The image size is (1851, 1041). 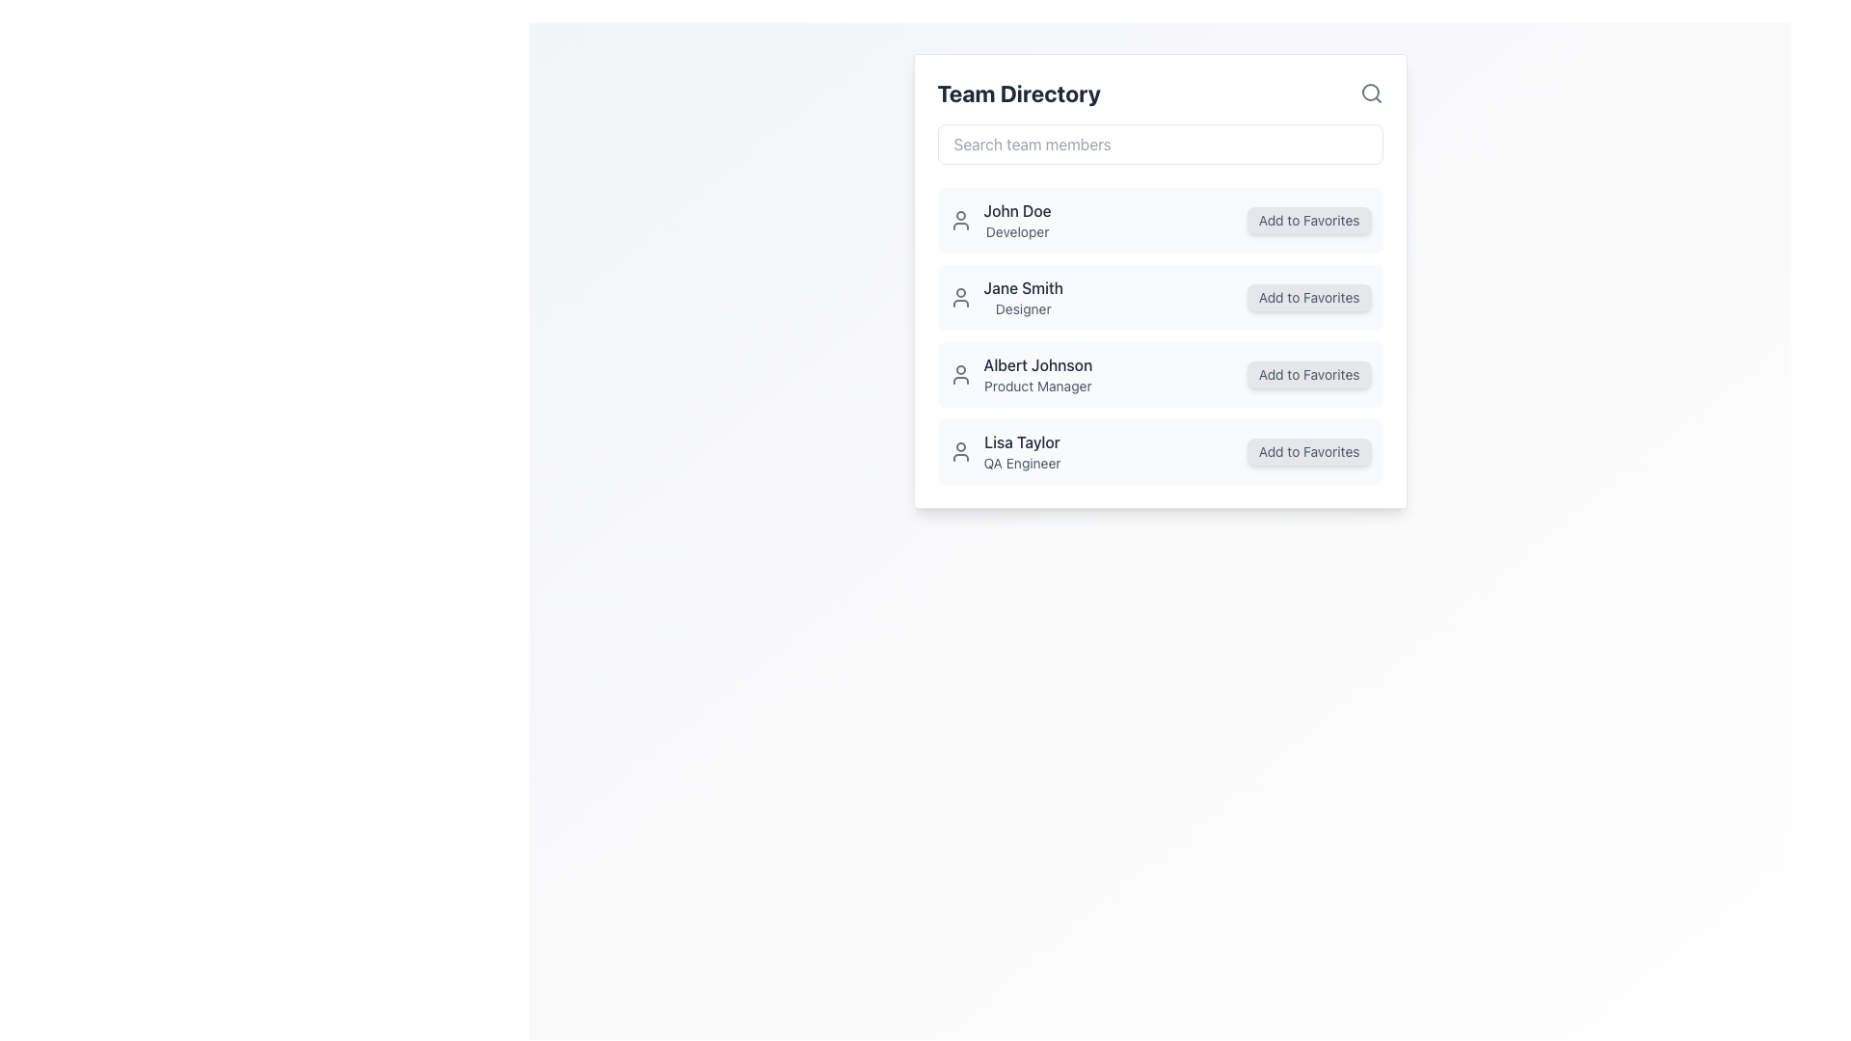 I want to click on the 'Add to Favorites' button associated with user 'Albert Johnson' located in the third row of the list, positioned to the right of 'Albert Johnson Product Manager', so click(x=1309, y=375).